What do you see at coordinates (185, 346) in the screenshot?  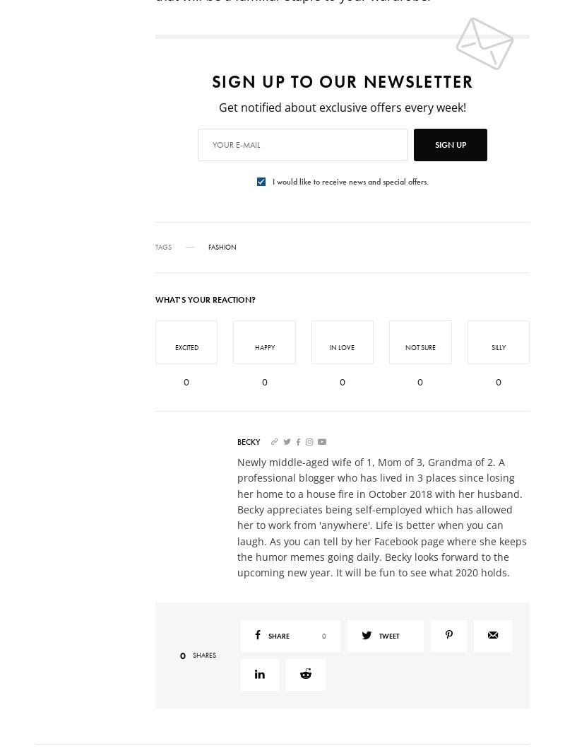 I see `'Excited'` at bounding box center [185, 346].